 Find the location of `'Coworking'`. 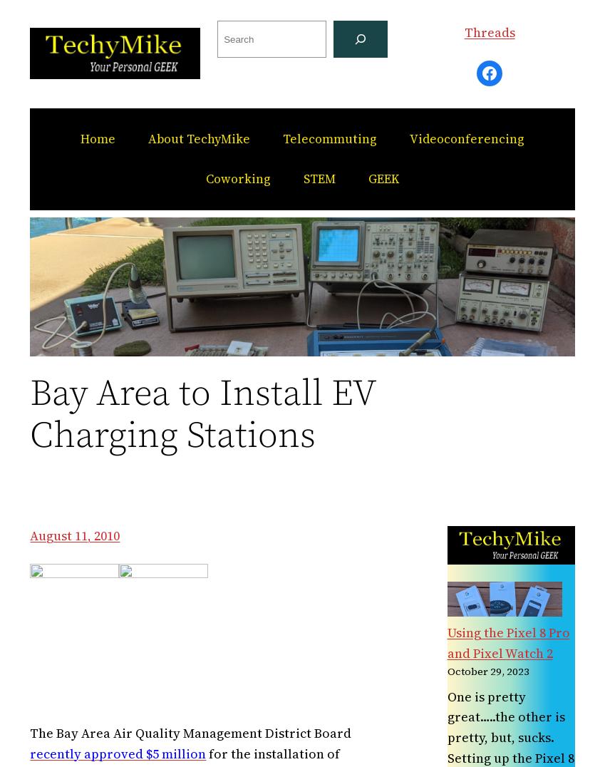

'Coworking' is located at coordinates (238, 179).